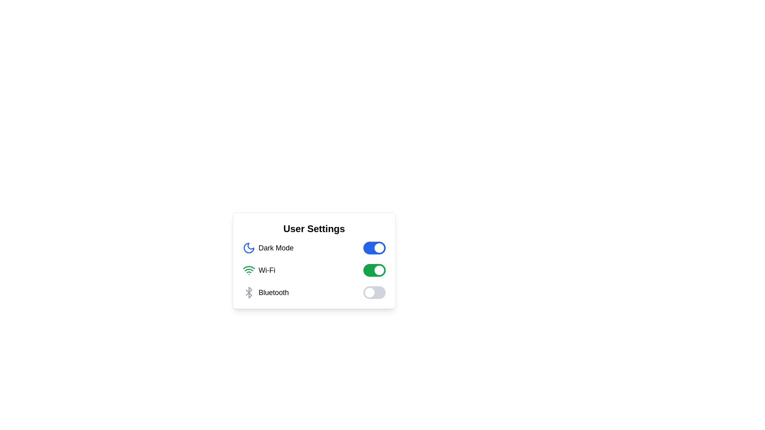  Describe the element at coordinates (314, 248) in the screenshot. I see `the 'Dark Mode' toggle switch which is the first interactive option in the 'User Settings' panel` at that location.